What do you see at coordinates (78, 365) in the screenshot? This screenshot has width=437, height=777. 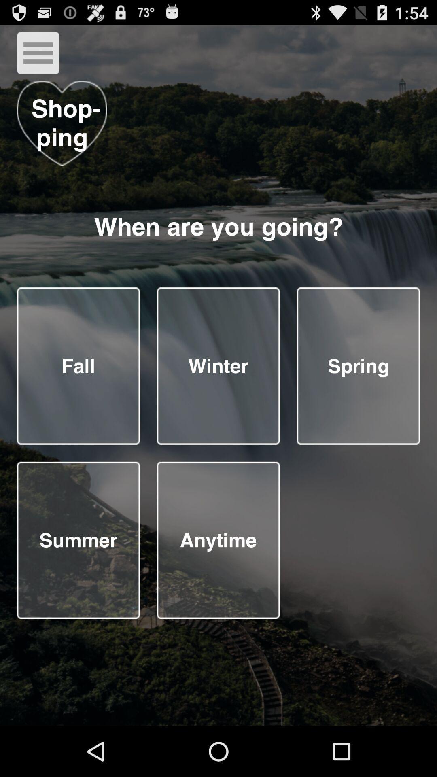 I see `fall season` at bounding box center [78, 365].